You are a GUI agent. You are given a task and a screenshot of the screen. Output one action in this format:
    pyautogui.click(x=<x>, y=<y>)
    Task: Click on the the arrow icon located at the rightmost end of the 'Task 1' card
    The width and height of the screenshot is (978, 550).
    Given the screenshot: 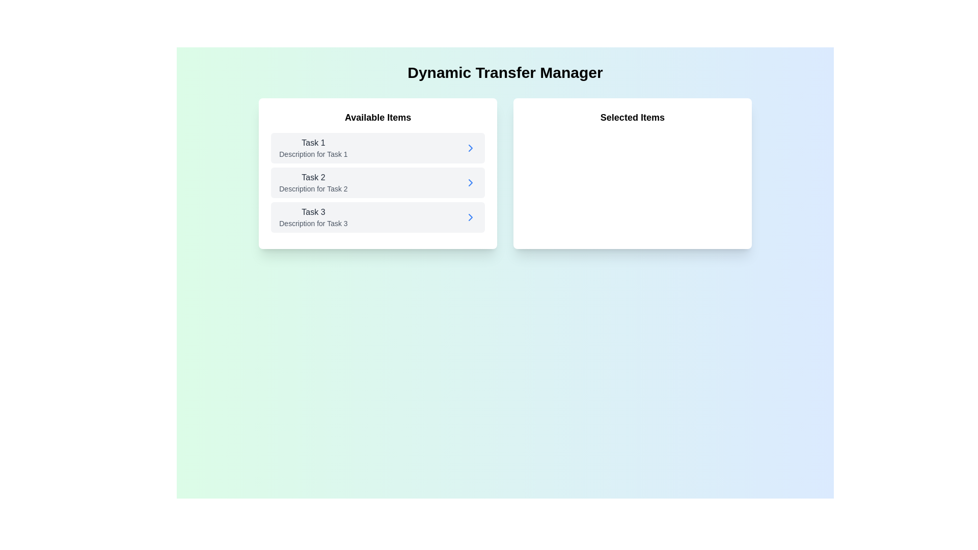 What is the action you would take?
    pyautogui.click(x=470, y=148)
    